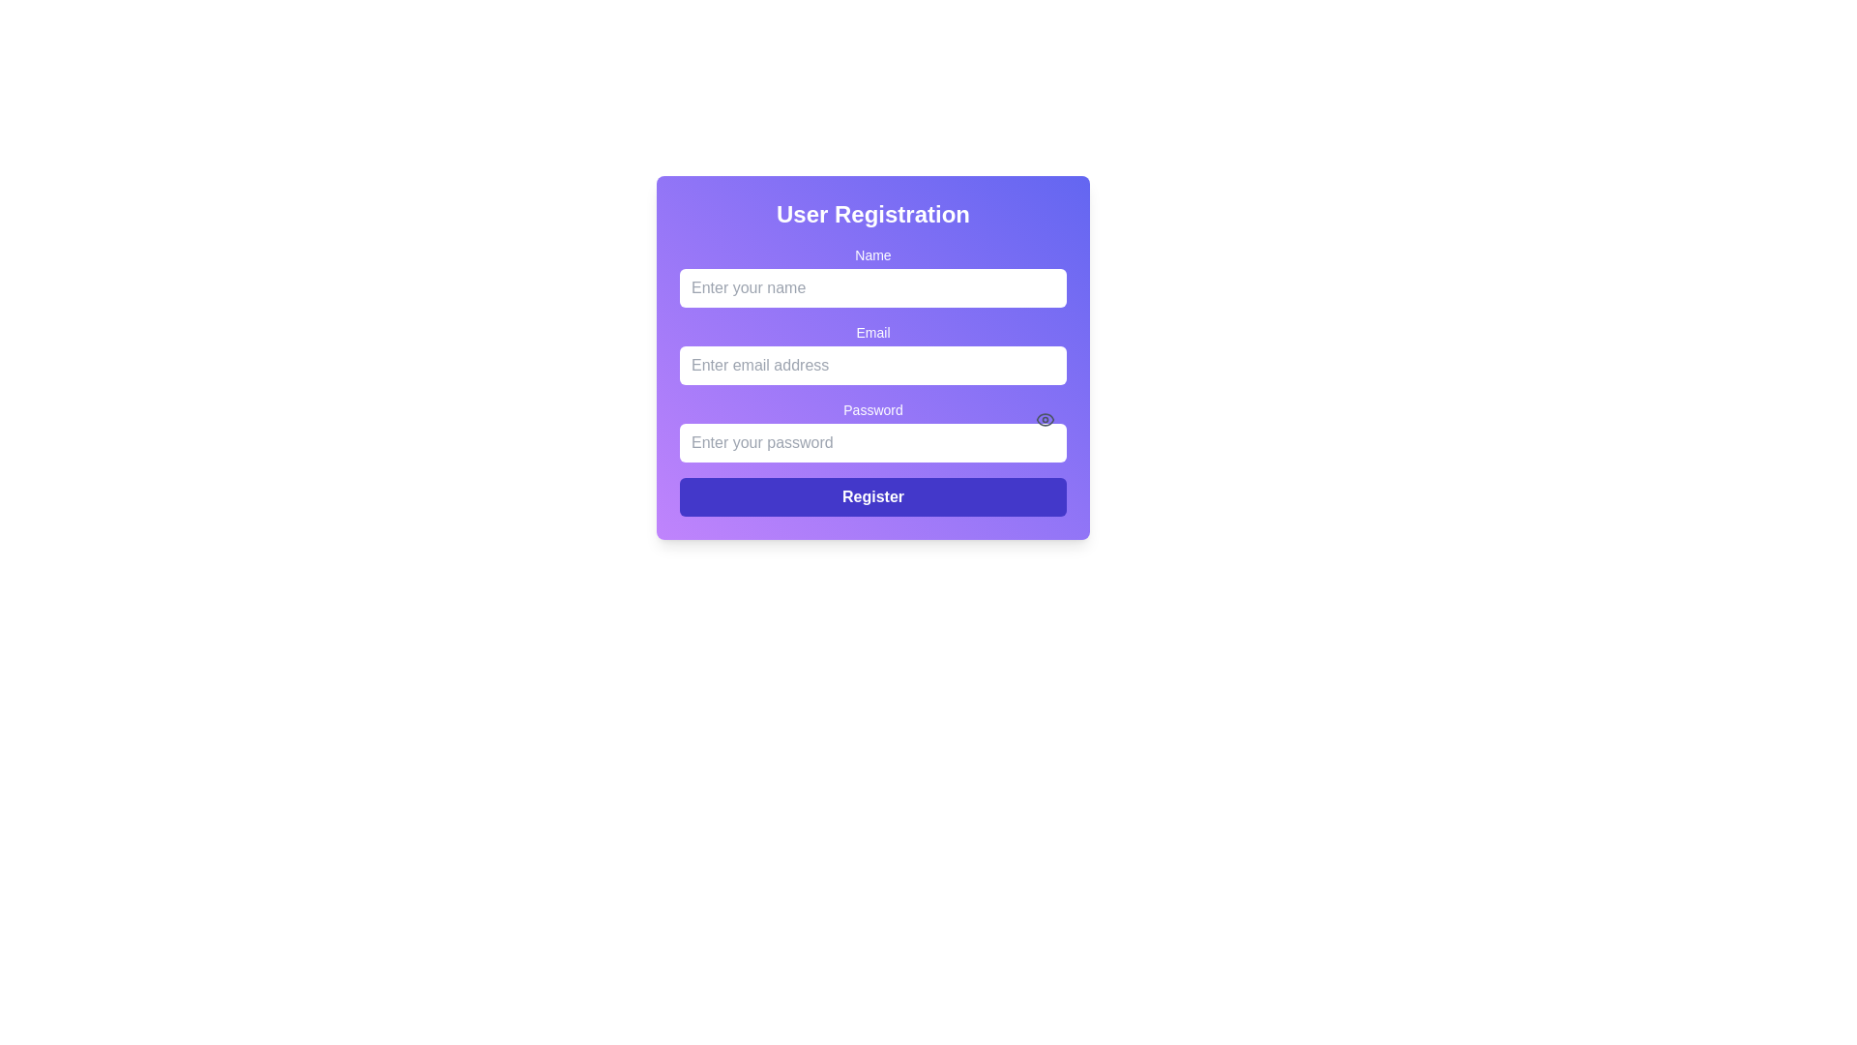  What do you see at coordinates (871, 331) in the screenshot?
I see `the text label that identifies the email input field located just above the email input in the form interface` at bounding box center [871, 331].